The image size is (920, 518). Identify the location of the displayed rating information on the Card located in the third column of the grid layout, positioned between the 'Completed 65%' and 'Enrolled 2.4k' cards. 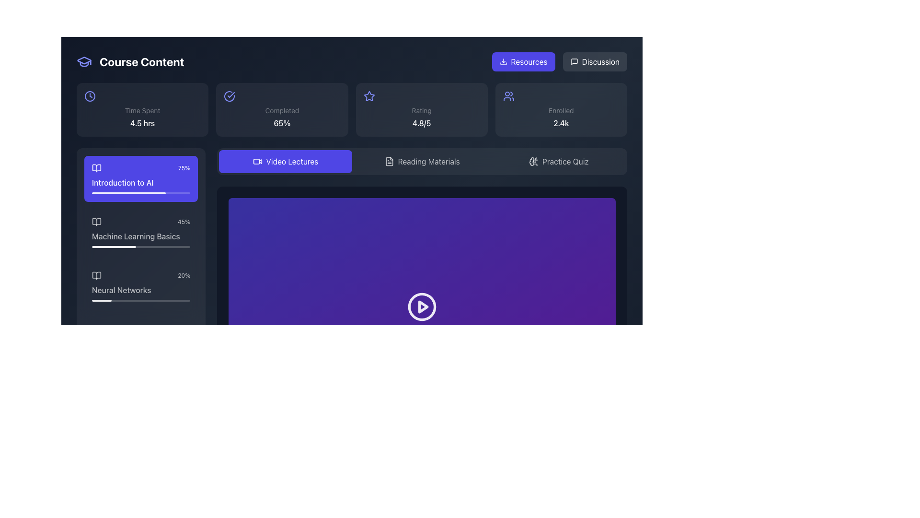
(422, 109).